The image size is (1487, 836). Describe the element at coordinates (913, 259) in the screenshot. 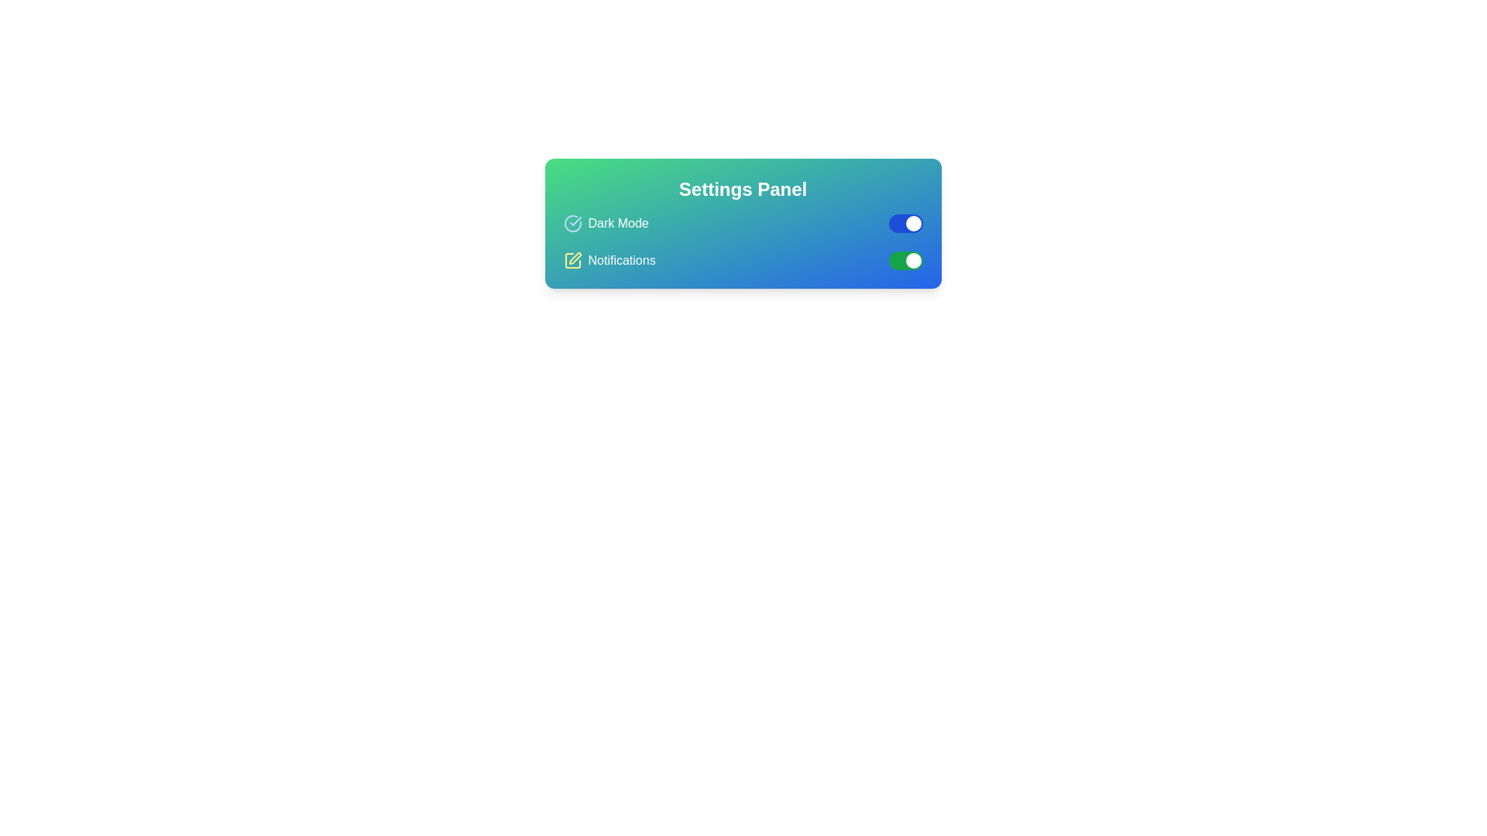

I see `the toggle switch thumb for the 'Notifications' option in the Settings Panel to change its position and activate or deactivate notifications` at that location.